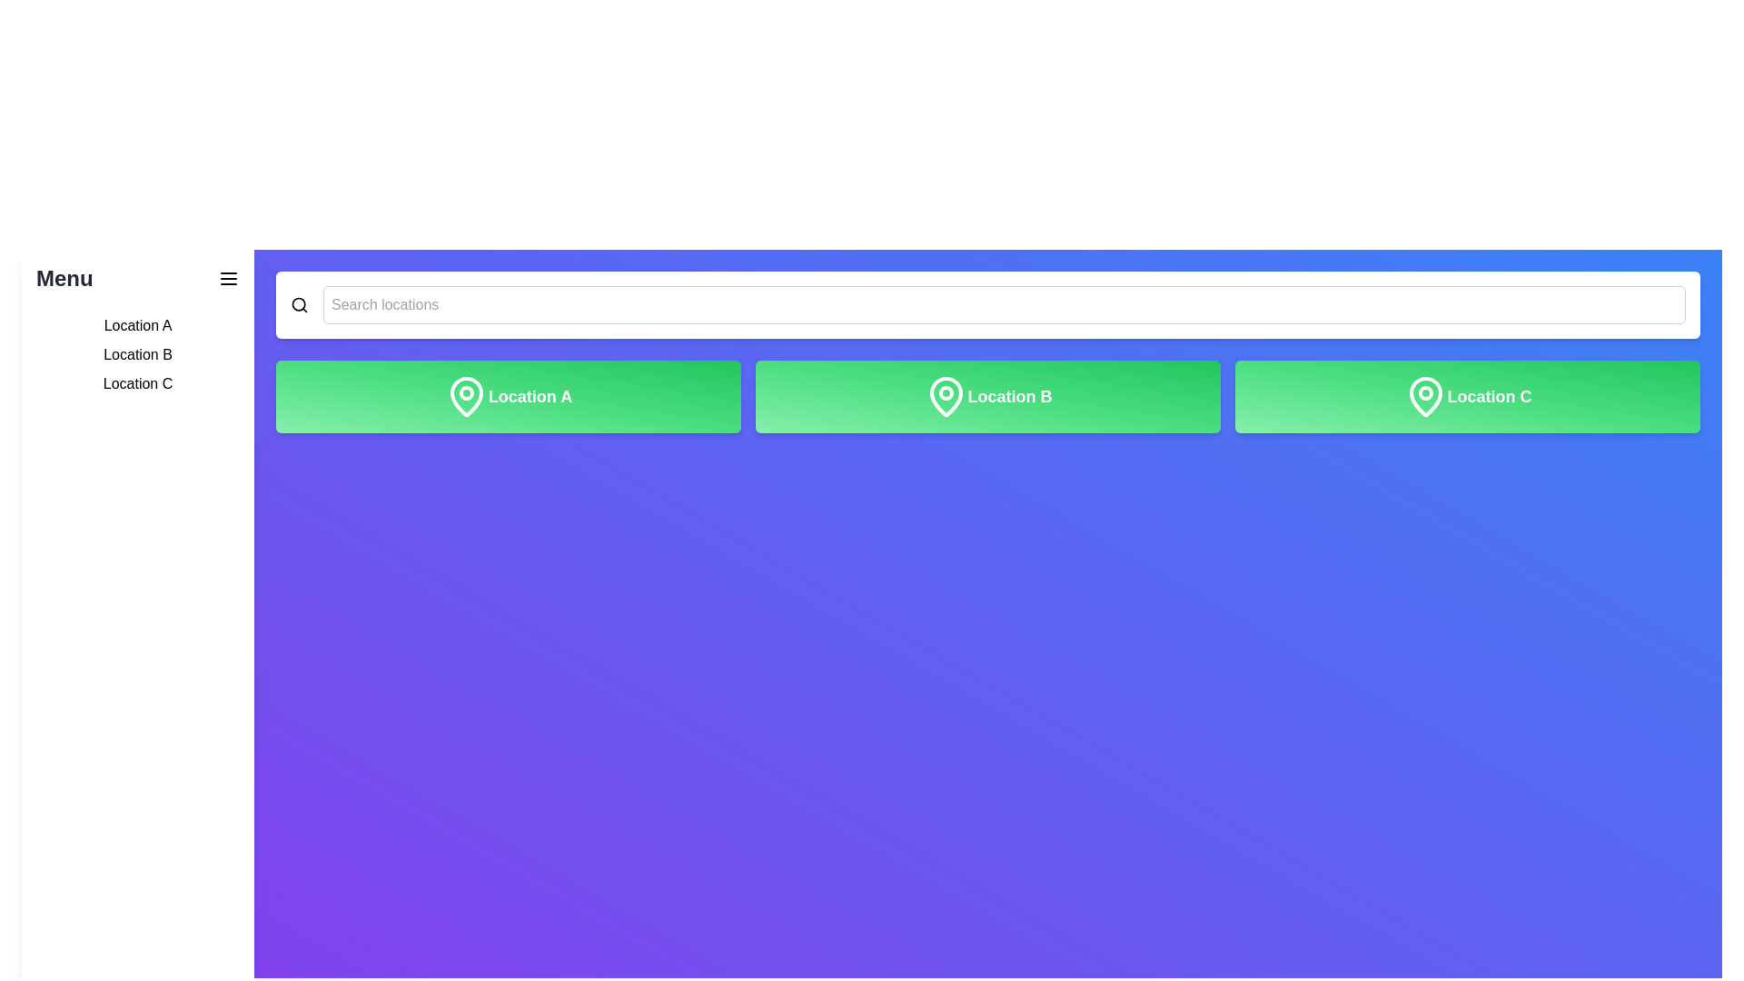 The height and width of the screenshot is (981, 1744). What do you see at coordinates (1424, 391) in the screenshot?
I see `graphical icon, which is a circular shape centered within a location marker icon, positioned to the right of a series of green rectangular buttons at the top of the interface` at bounding box center [1424, 391].